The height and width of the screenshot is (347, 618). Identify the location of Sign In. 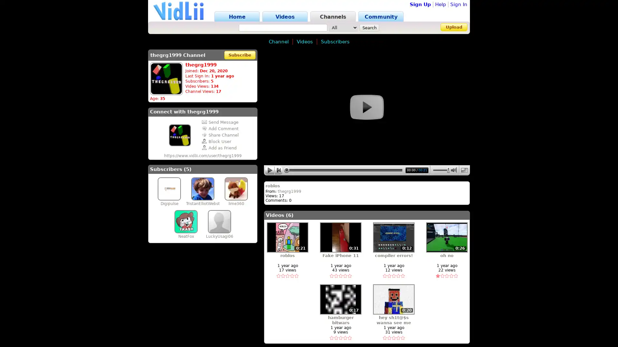
(434, 36).